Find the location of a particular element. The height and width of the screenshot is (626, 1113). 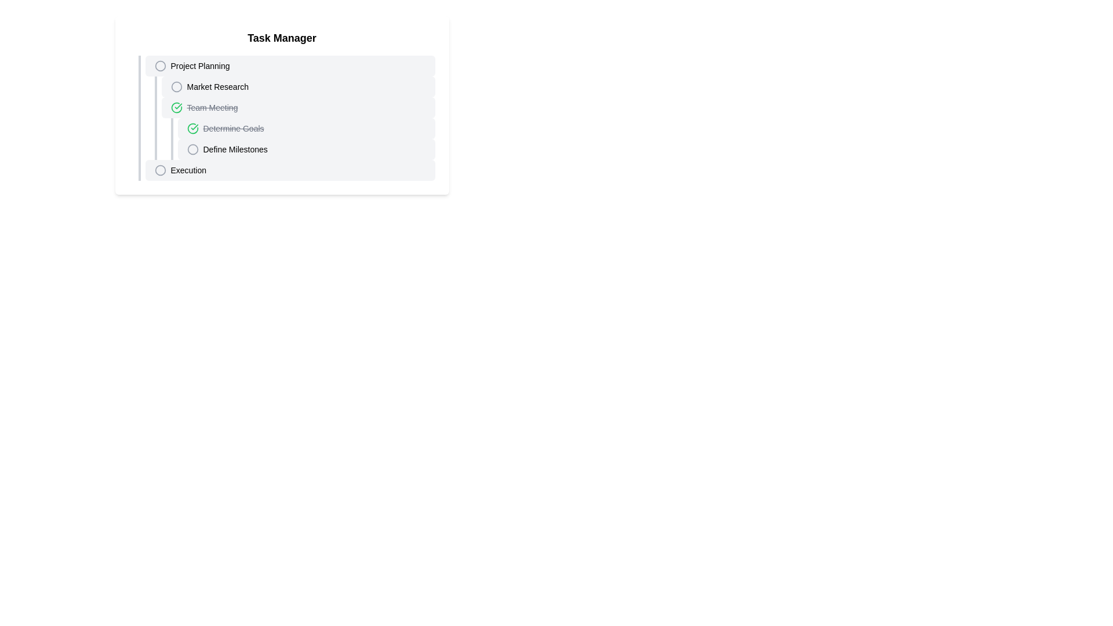

the checkmark icon indicating the completion status of the 'Team Meeting' task under the 'Project Planning' category is located at coordinates (192, 129).